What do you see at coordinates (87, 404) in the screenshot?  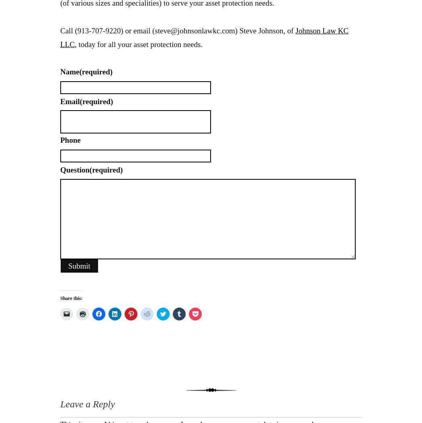 I see `'Leave a Reply'` at bounding box center [87, 404].